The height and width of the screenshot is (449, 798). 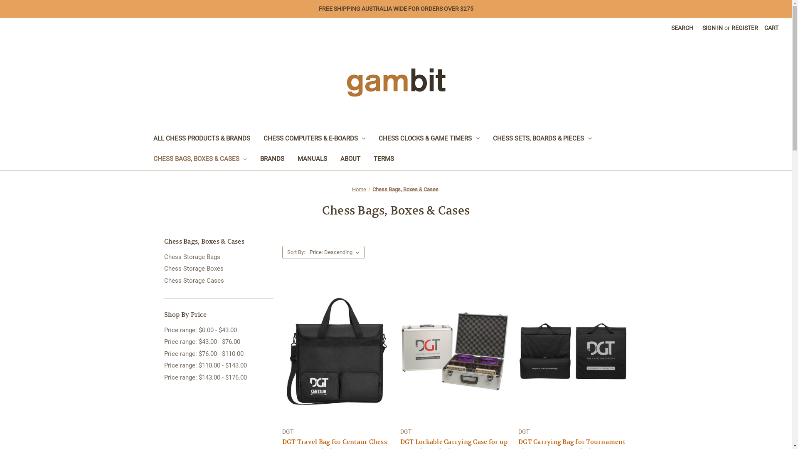 What do you see at coordinates (712, 27) in the screenshot?
I see `'SIGN IN'` at bounding box center [712, 27].